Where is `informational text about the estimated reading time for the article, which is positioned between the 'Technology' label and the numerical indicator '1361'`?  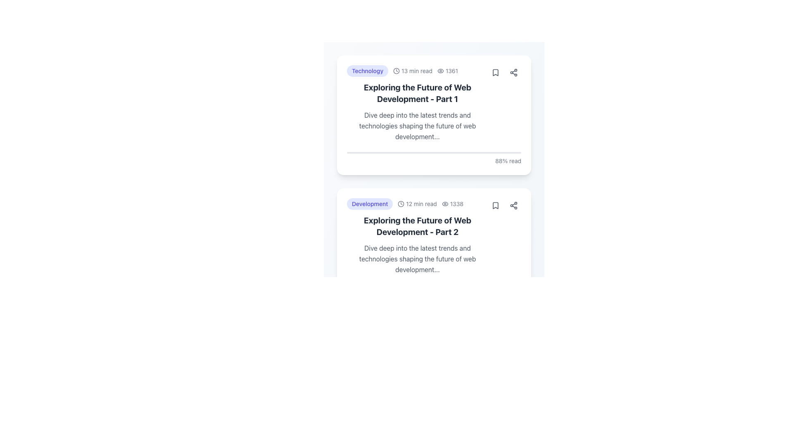 informational text about the estimated reading time for the article, which is positioned between the 'Technology' label and the numerical indicator '1361' is located at coordinates (413, 71).